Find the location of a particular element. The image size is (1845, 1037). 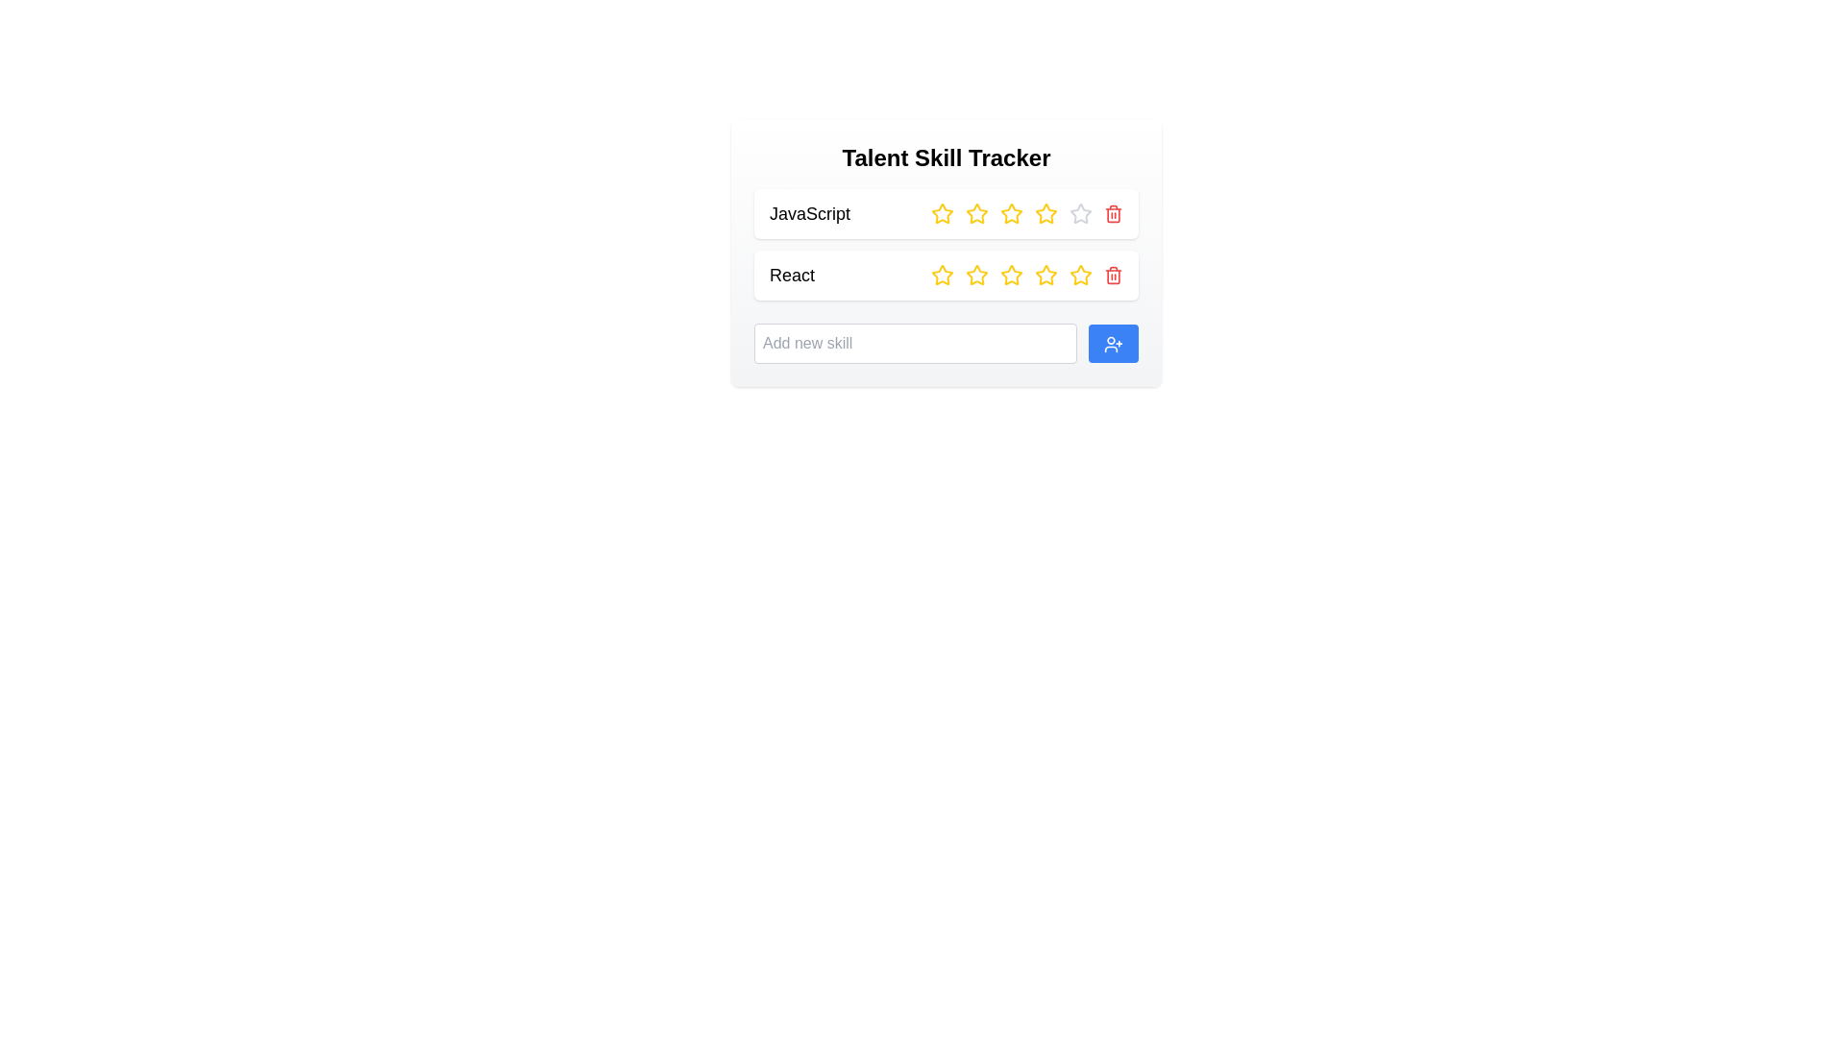

the Icon button located at the bottom-right corner of the button beneath the 'React' skill and the 'Add new skill' input field is located at coordinates (1113, 343).